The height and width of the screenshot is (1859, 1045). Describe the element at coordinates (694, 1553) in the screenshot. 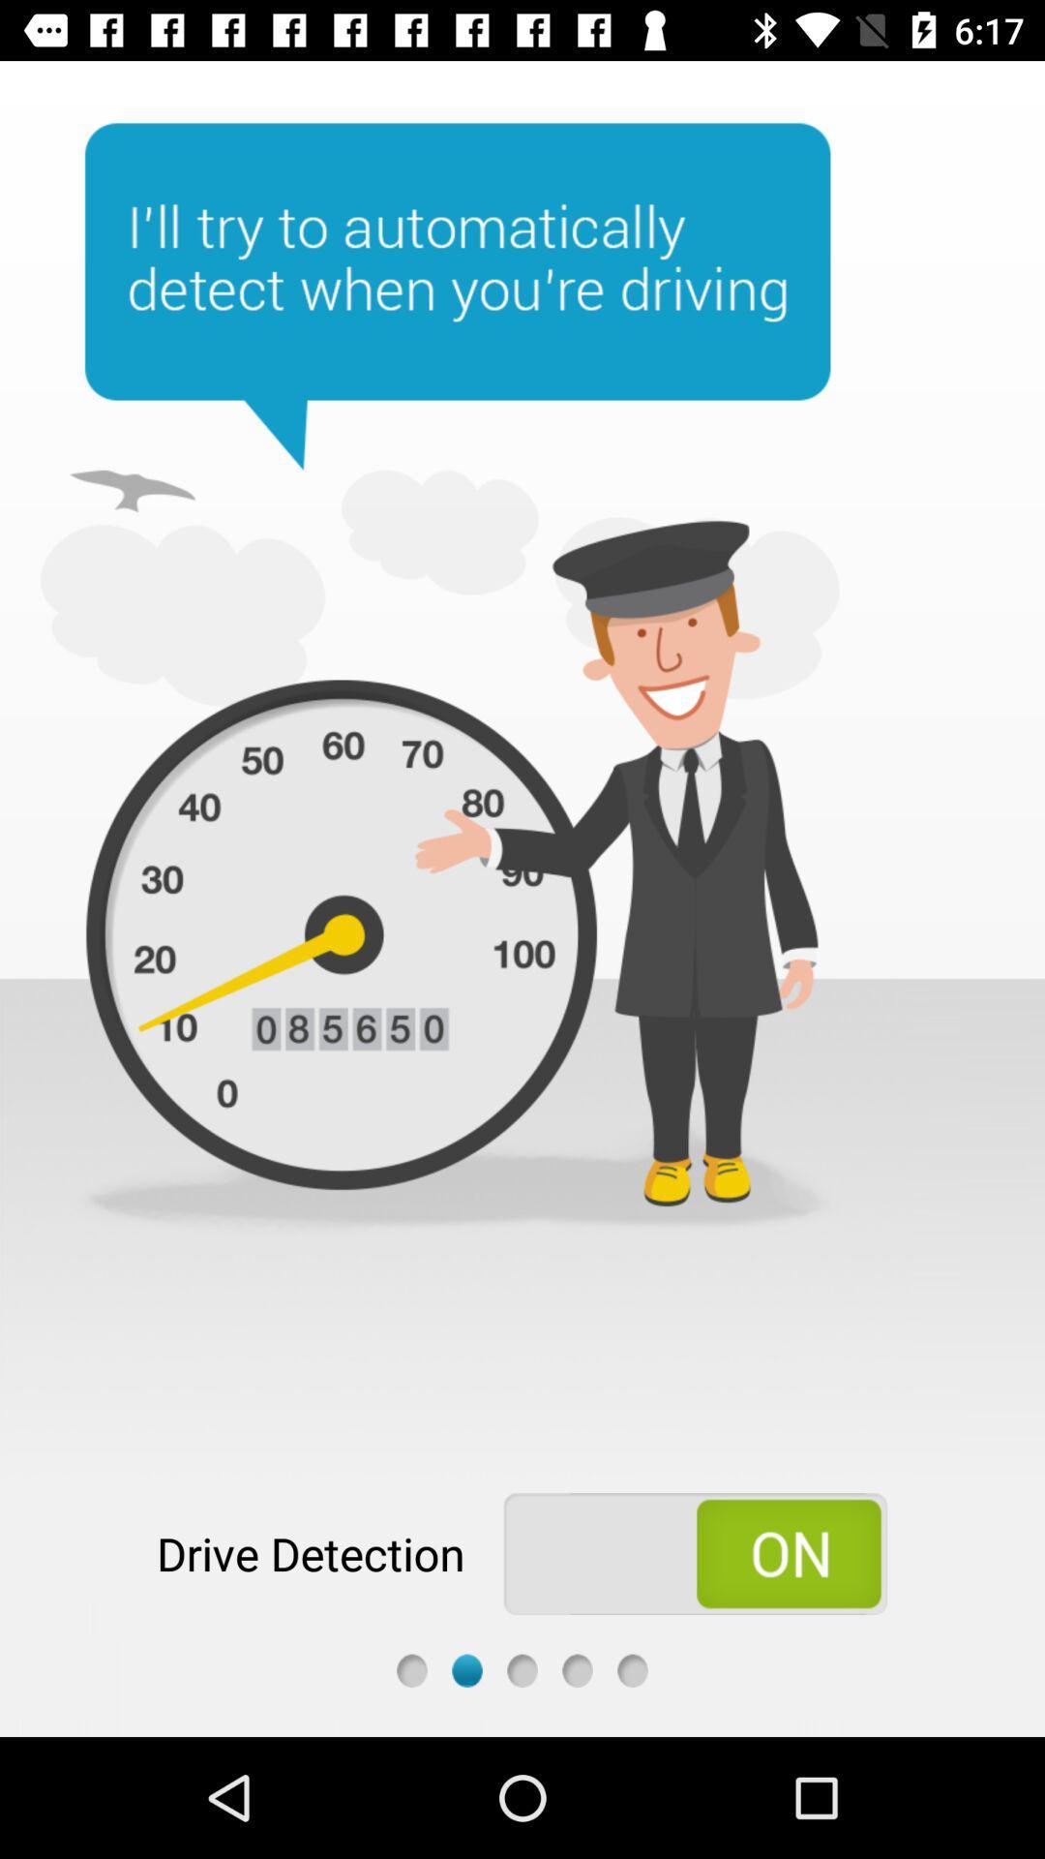

I see `switch` at that location.